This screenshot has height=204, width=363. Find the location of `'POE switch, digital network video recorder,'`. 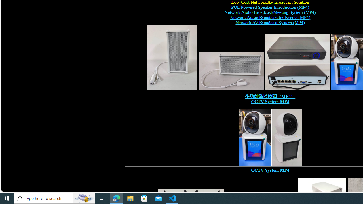

'POE switch, digital network video recorder,' is located at coordinates (297, 62).